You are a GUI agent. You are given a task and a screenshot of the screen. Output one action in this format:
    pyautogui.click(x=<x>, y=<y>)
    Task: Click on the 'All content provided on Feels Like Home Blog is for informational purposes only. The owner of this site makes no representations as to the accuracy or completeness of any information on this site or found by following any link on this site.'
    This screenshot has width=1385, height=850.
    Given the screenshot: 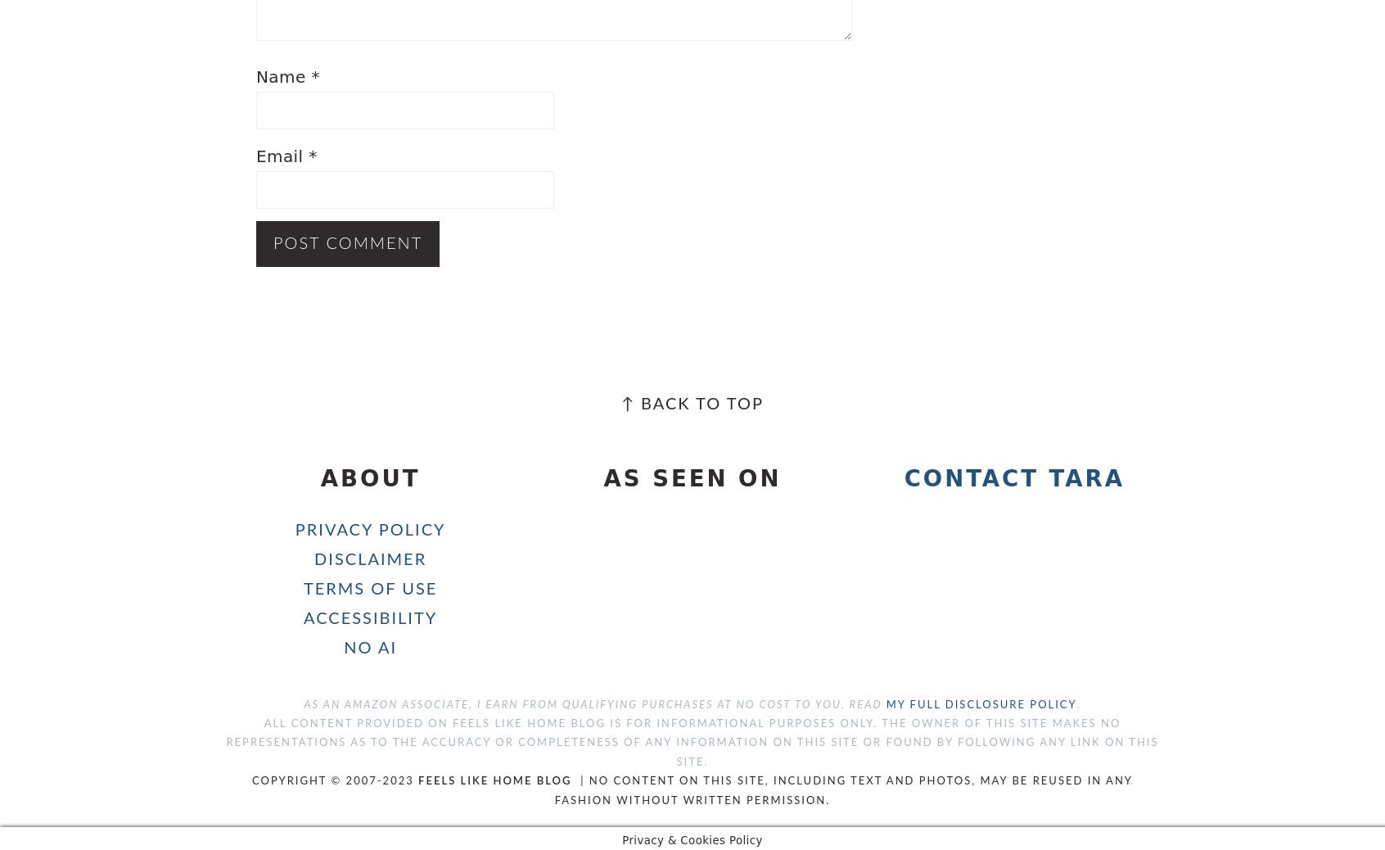 What is the action you would take?
    pyautogui.click(x=692, y=743)
    